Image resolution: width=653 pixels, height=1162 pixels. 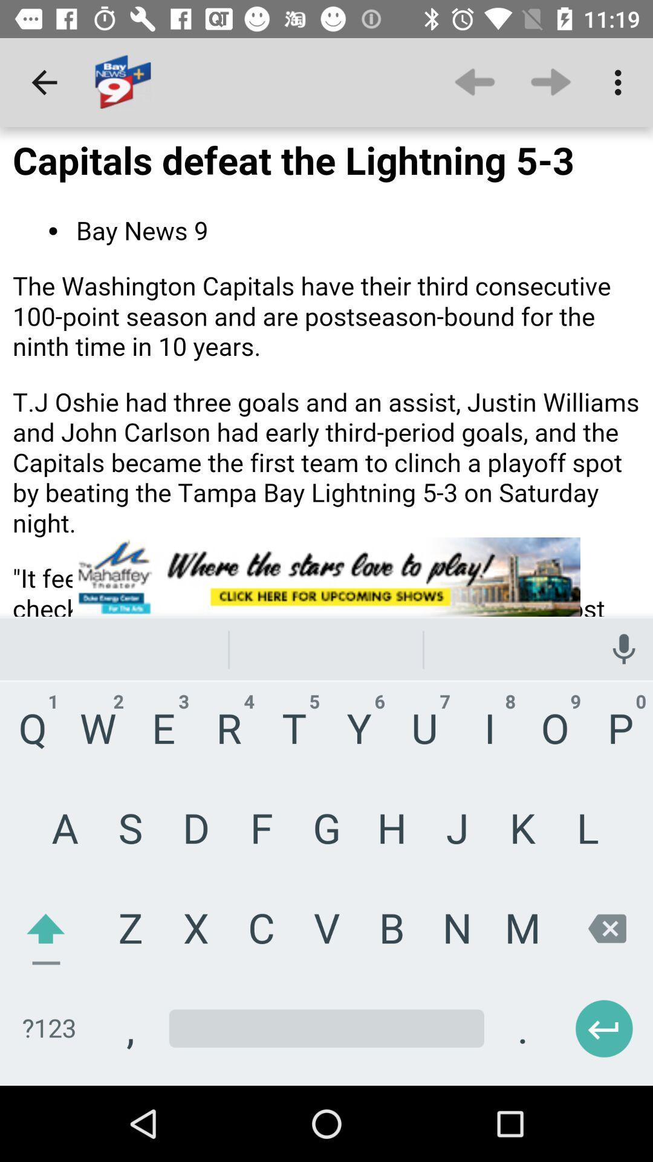 I want to click on file, so click(x=326, y=606).